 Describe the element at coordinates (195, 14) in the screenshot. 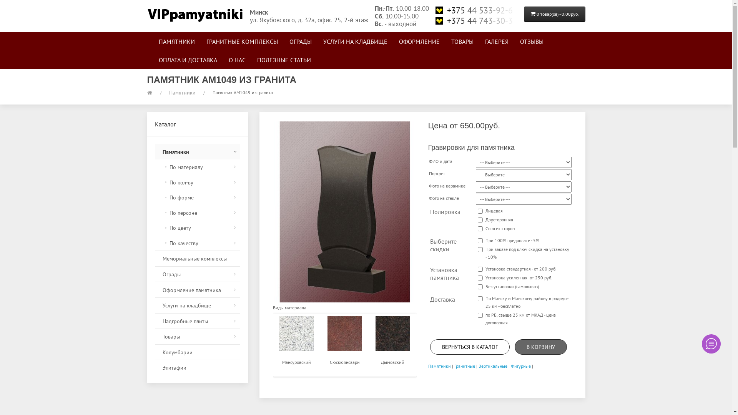

I see `'Vippamyatniki.by'` at that location.